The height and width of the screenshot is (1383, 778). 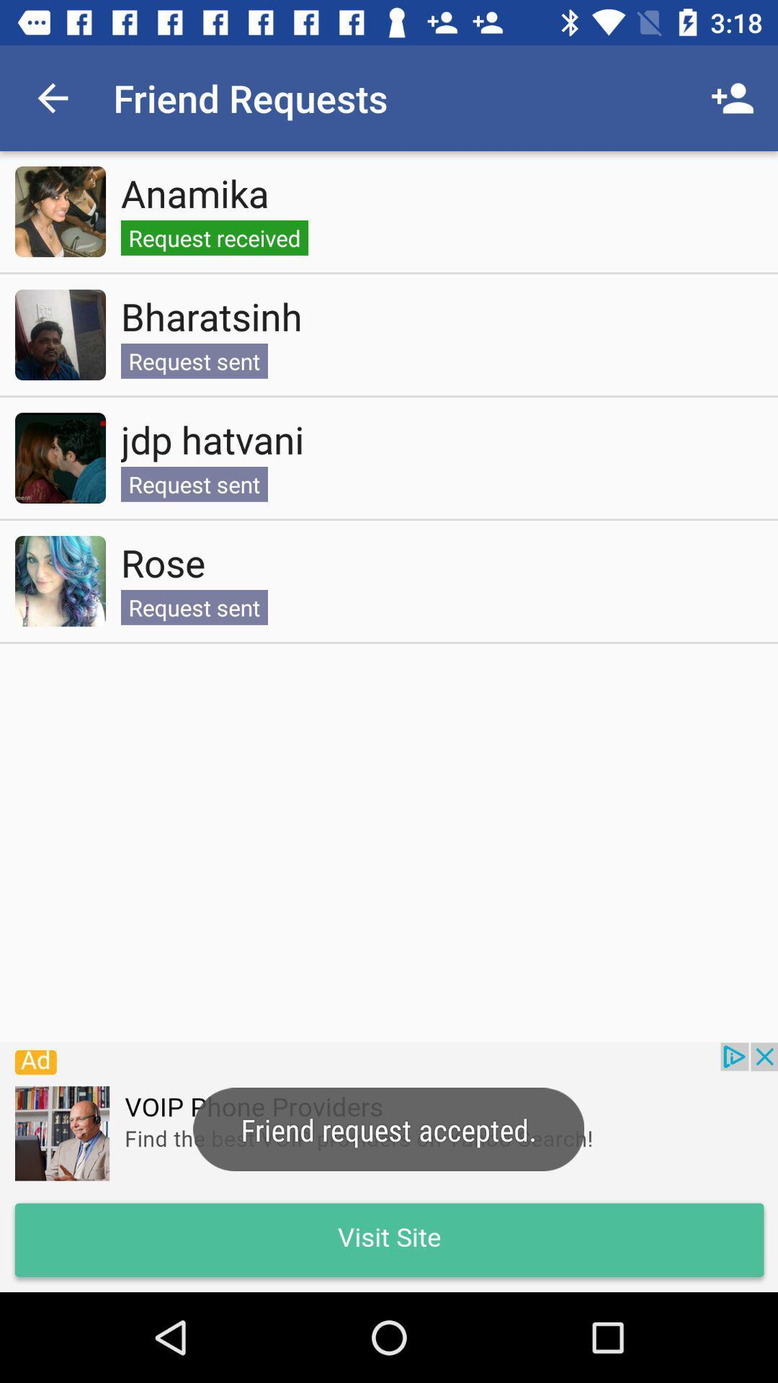 What do you see at coordinates (60, 210) in the screenshot?
I see `click anamika 's profile` at bounding box center [60, 210].